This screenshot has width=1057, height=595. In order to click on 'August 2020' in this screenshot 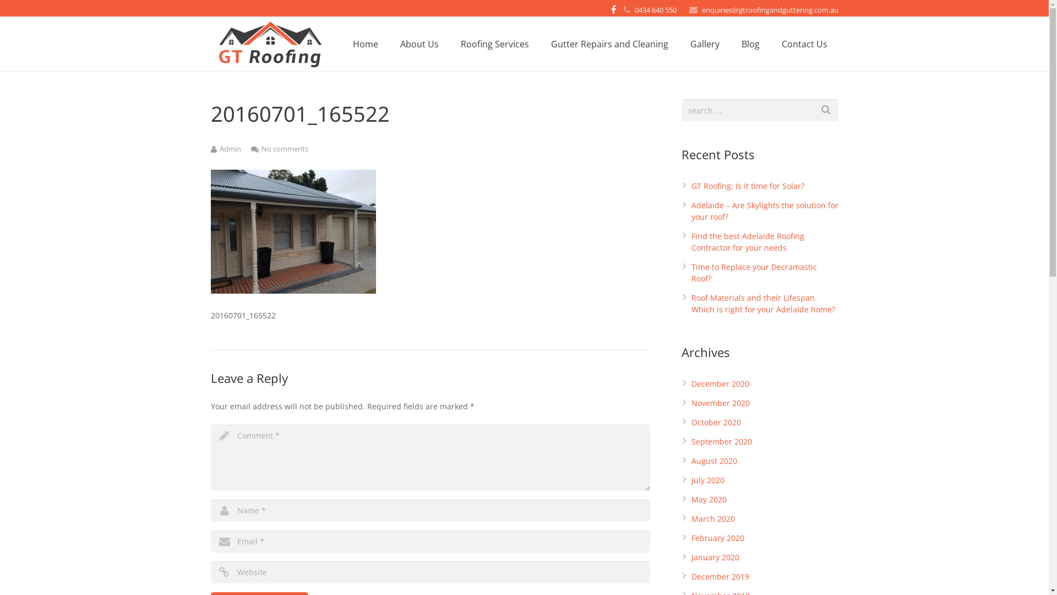, I will do `click(714, 461)`.